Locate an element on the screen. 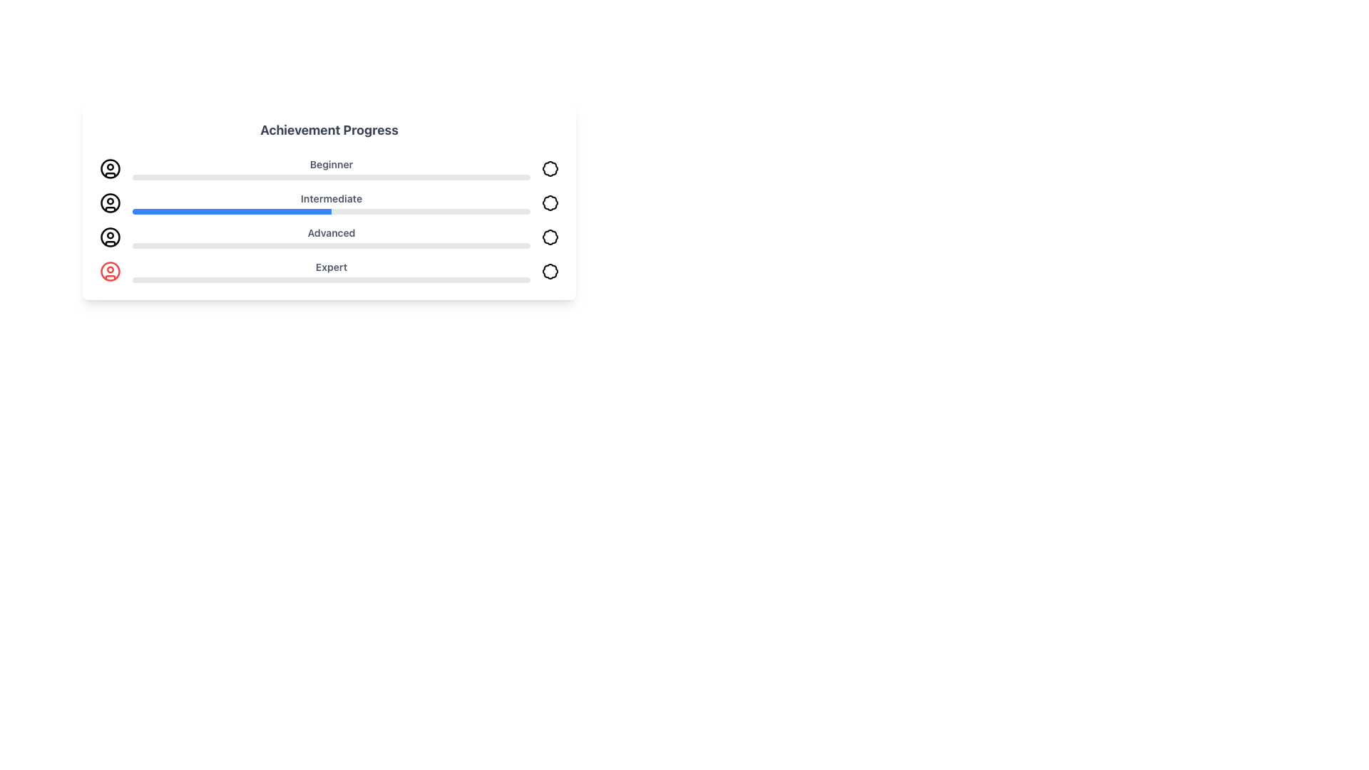 The image size is (1369, 770). the Badge graphic element located in the fourth row labeled 'Advanced' on the far right side adjacent to a horizontal bar is located at coordinates (550, 236).